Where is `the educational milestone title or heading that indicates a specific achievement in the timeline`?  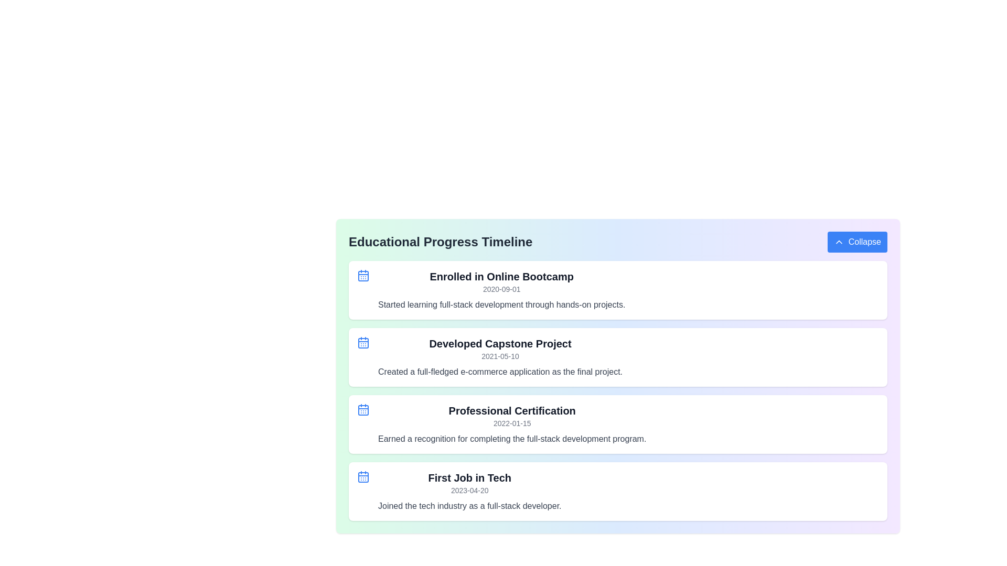 the educational milestone title or heading that indicates a specific achievement in the timeline is located at coordinates (501, 276).